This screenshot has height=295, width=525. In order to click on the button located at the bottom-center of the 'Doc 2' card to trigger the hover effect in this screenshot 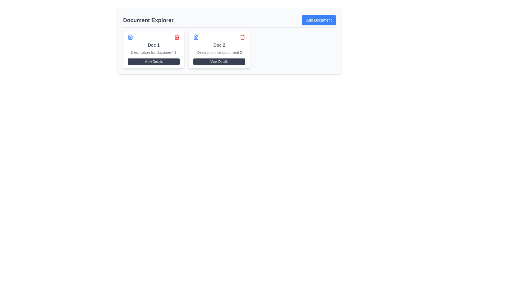, I will do `click(219, 61)`.